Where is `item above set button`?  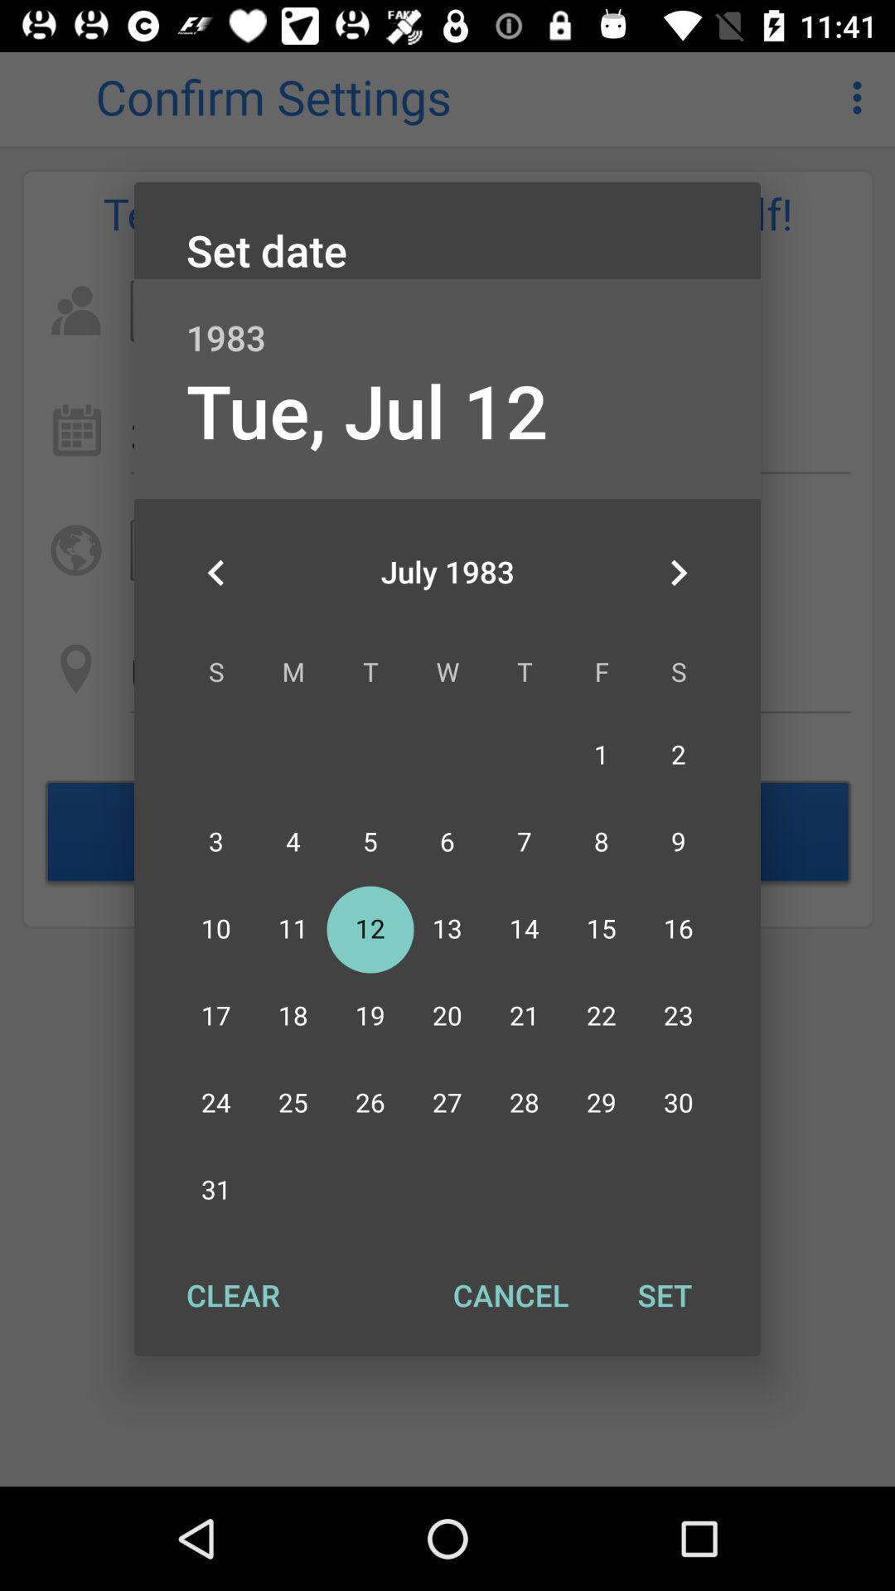 item above set button is located at coordinates (678, 573).